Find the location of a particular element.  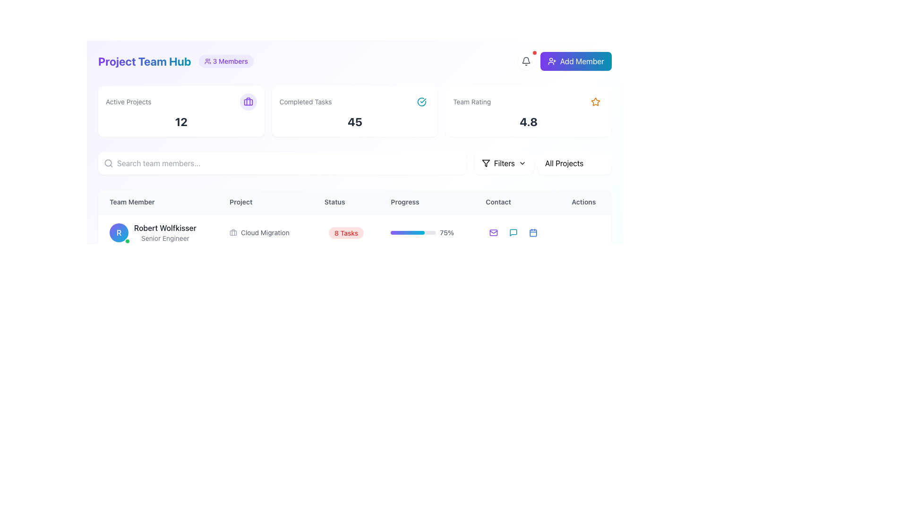

the graphical badge or avatar representing Robert Wolfkisser, positioned to the left of his name is located at coordinates (119, 233).